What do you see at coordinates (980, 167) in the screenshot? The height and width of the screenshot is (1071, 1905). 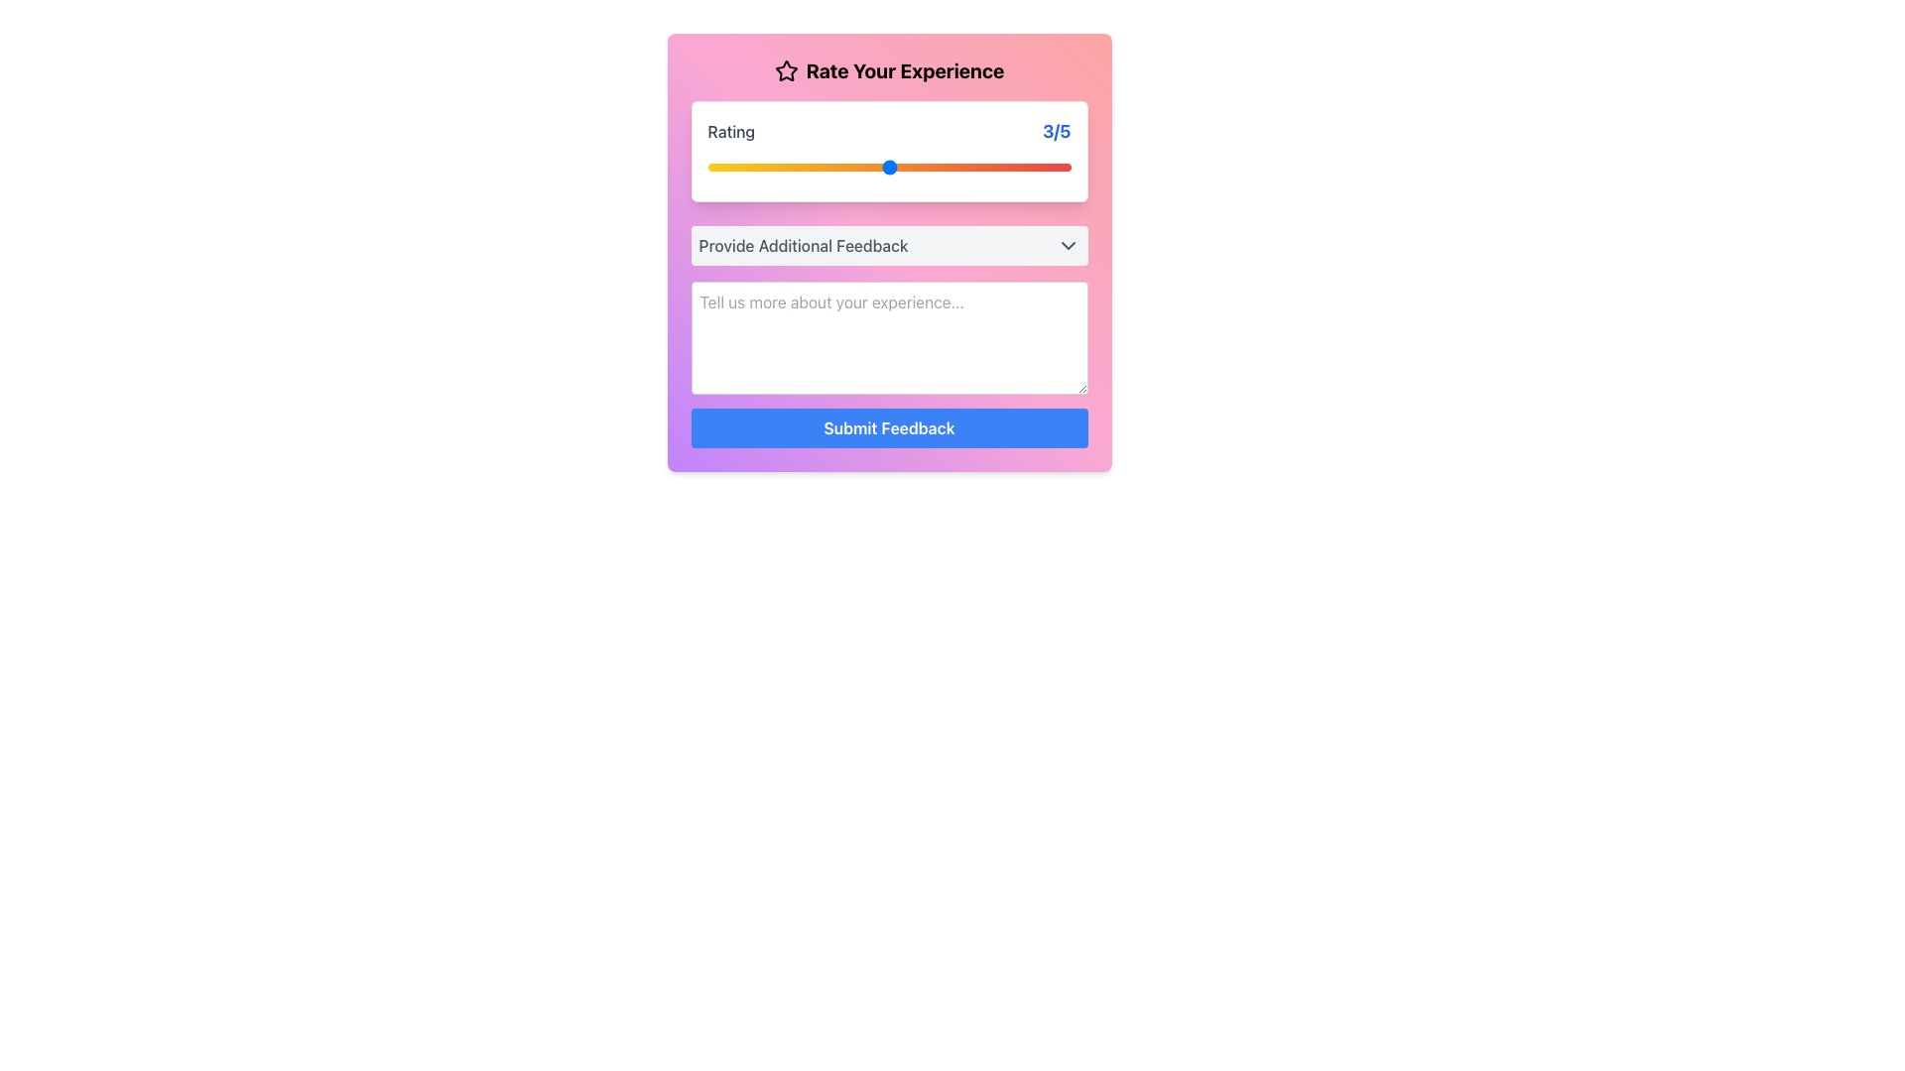 I see `rating slider` at bounding box center [980, 167].